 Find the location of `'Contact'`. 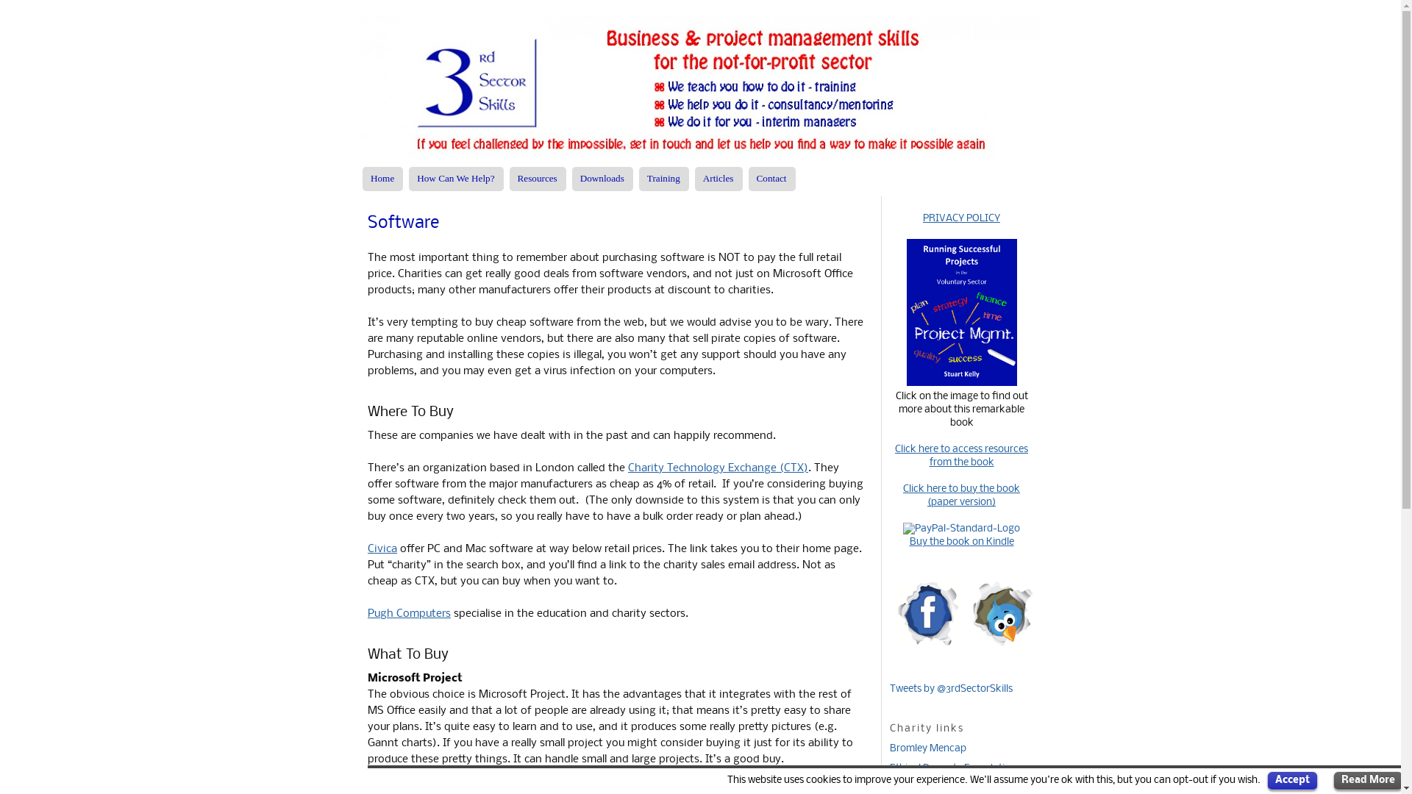

'Contact' is located at coordinates (771, 178).